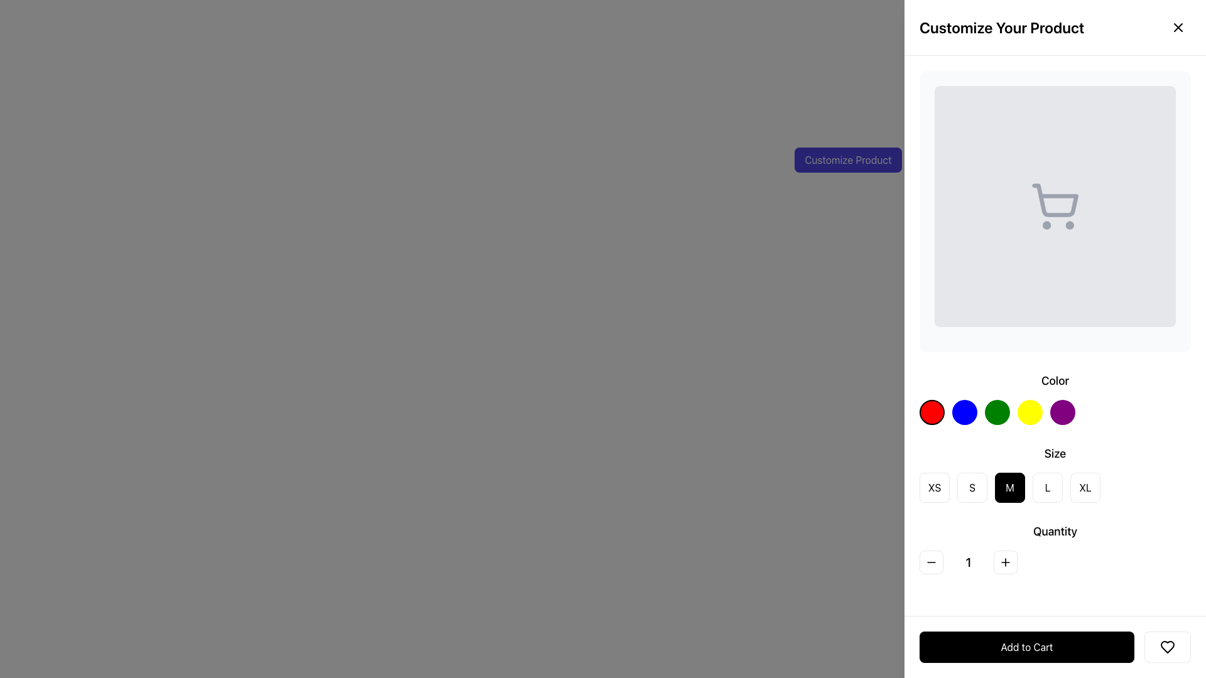 The width and height of the screenshot is (1206, 678). Describe the element at coordinates (1178, 27) in the screenshot. I see `the close button located at the top-right corner of the 'Customize Your Product' modal` at that location.